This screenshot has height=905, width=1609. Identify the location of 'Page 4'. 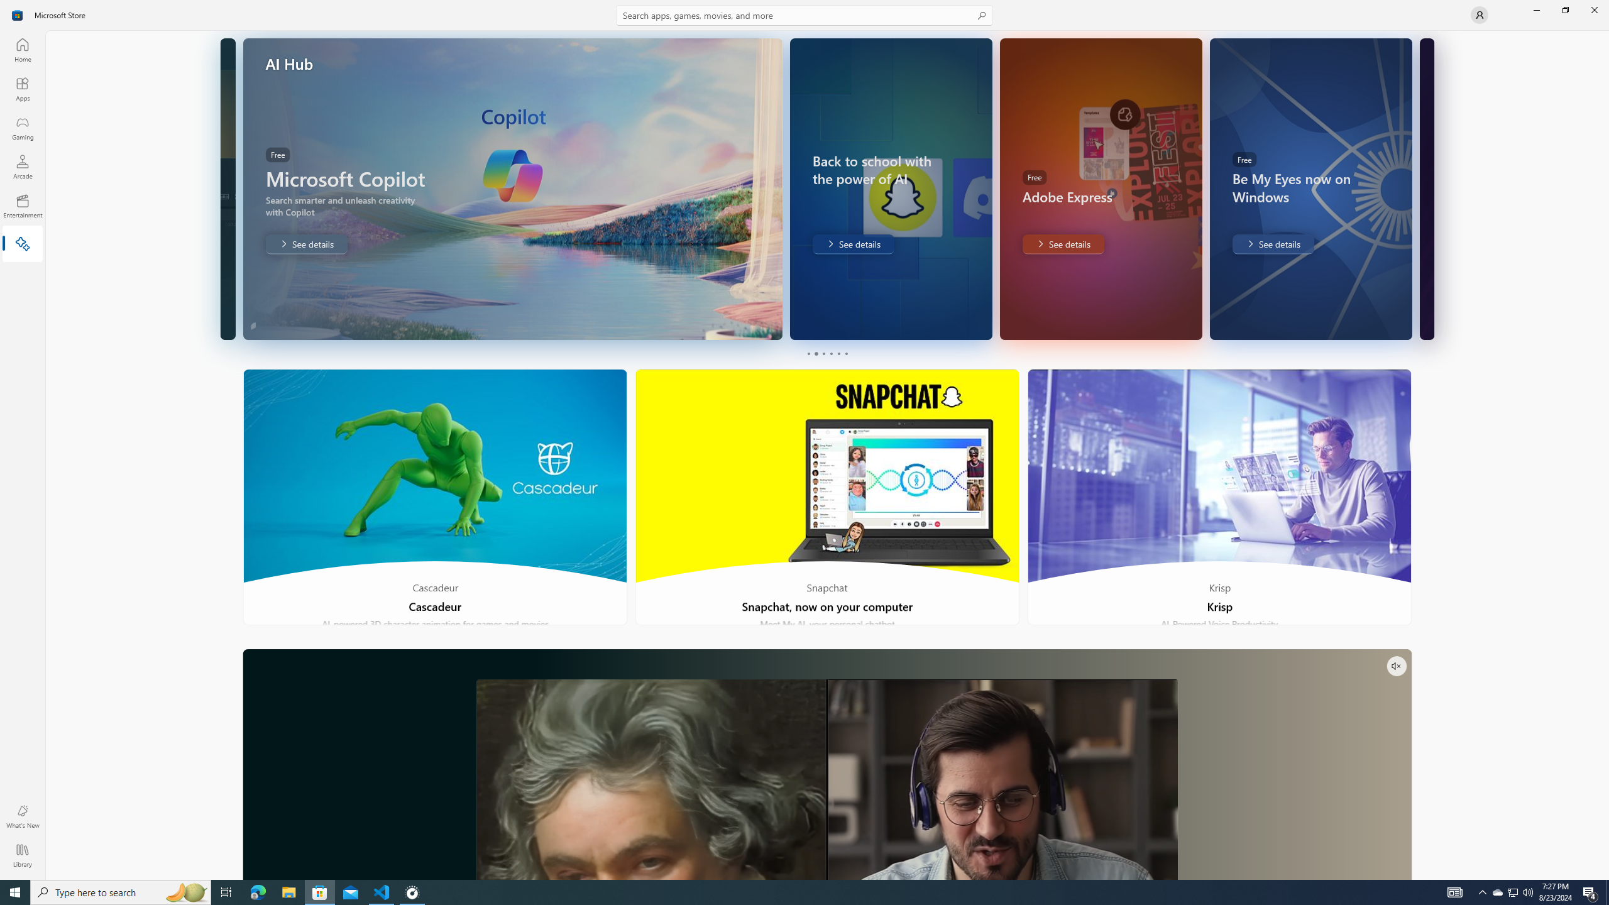
(830, 353).